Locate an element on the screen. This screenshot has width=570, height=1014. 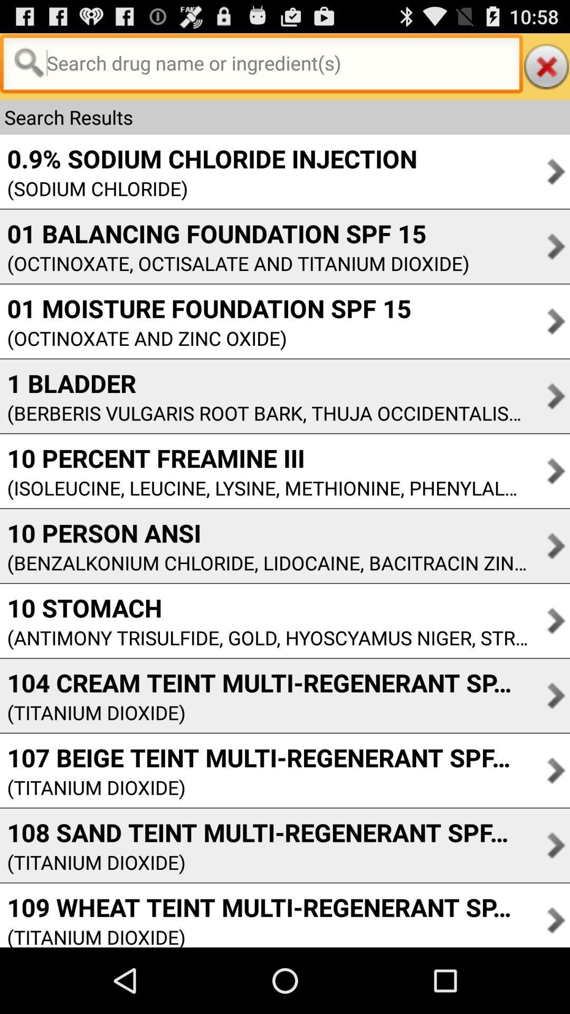
icon above (titanium dioxide) item is located at coordinates (263, 682).